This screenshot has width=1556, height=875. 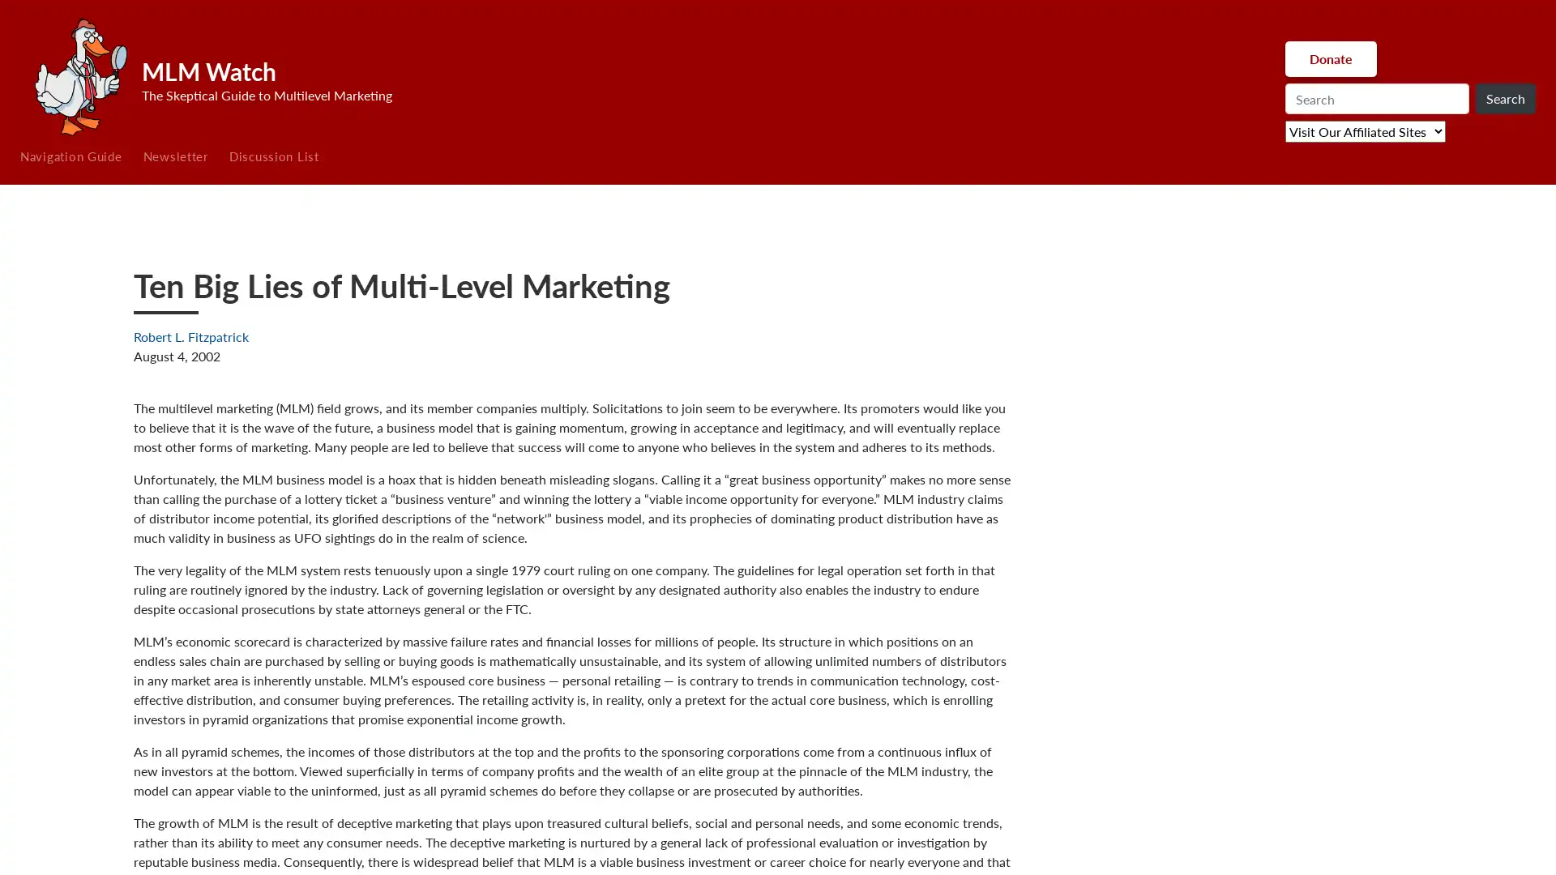 I want to click on Donate, so click(x=1330, y=58).